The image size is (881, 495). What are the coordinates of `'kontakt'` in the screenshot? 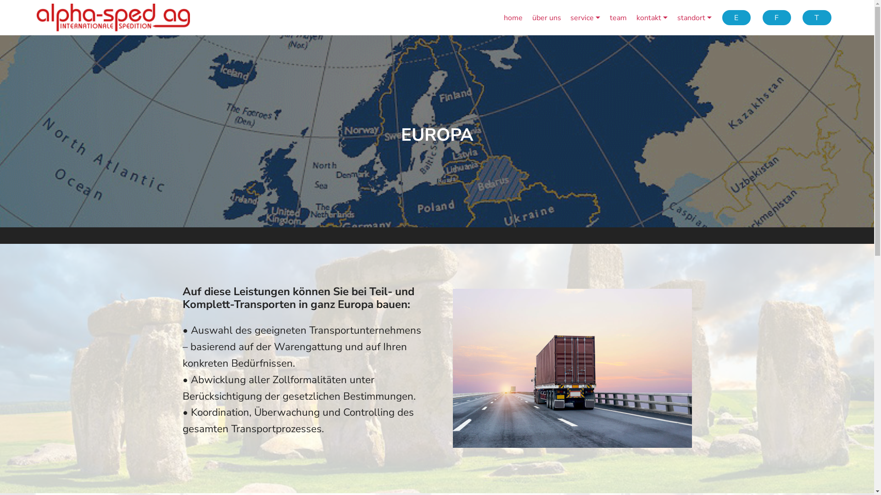 It's located at (651, 17).